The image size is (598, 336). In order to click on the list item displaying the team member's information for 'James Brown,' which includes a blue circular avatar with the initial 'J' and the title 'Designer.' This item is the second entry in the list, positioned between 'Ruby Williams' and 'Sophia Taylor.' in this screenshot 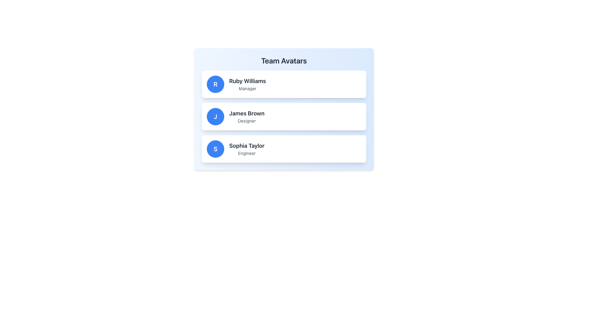, I will do `click(284, 116)`.